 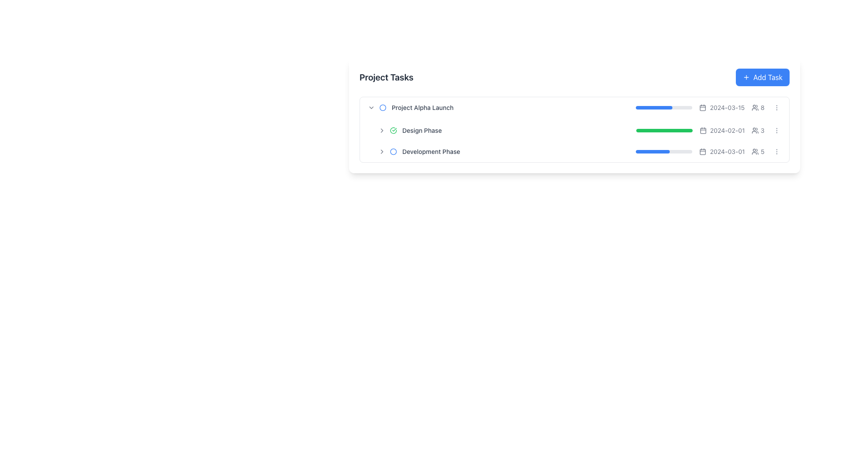 I want to click on the small chevron rightward-arrow button located next to the 'Development Phase' text to change its background color, so click(x=382, y=151).